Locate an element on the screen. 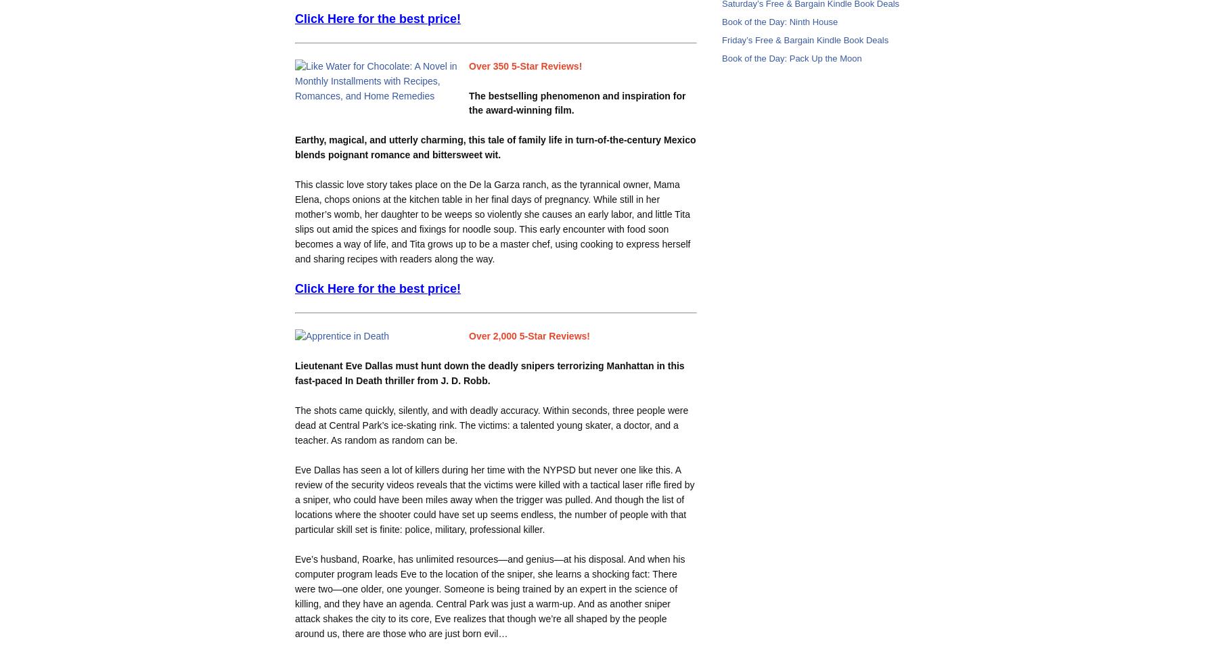  'Lieutenant Eve Dallas must hunt down the deadly snipers terrorizing Manhattan in this fast-paced In Death thriller from J. D. Robb.' is located at coordinates (489, 373).